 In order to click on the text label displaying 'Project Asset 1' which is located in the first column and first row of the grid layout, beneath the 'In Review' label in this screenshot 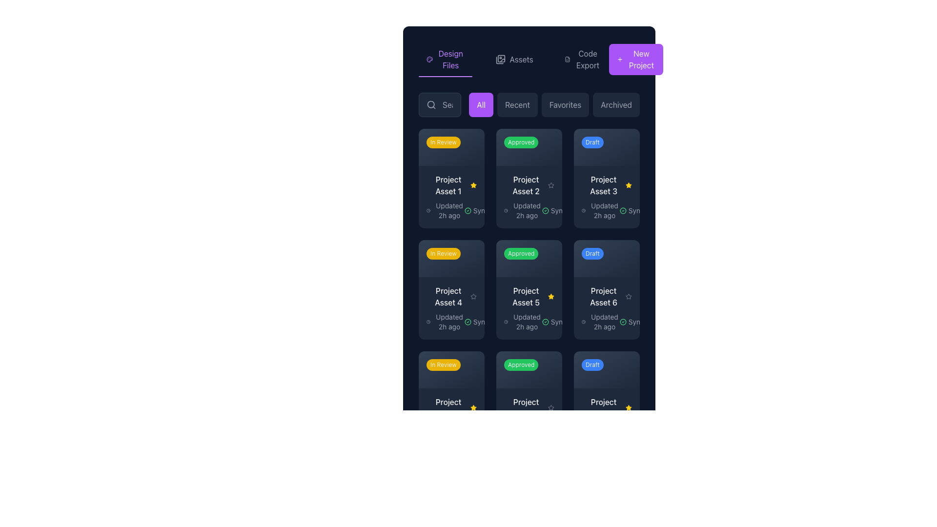, I will do `click(448, 185)`.